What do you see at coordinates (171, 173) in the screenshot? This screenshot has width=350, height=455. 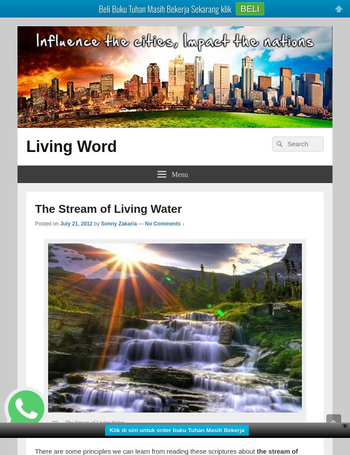 I see `'Menu'` at bounding box center [171, 173].